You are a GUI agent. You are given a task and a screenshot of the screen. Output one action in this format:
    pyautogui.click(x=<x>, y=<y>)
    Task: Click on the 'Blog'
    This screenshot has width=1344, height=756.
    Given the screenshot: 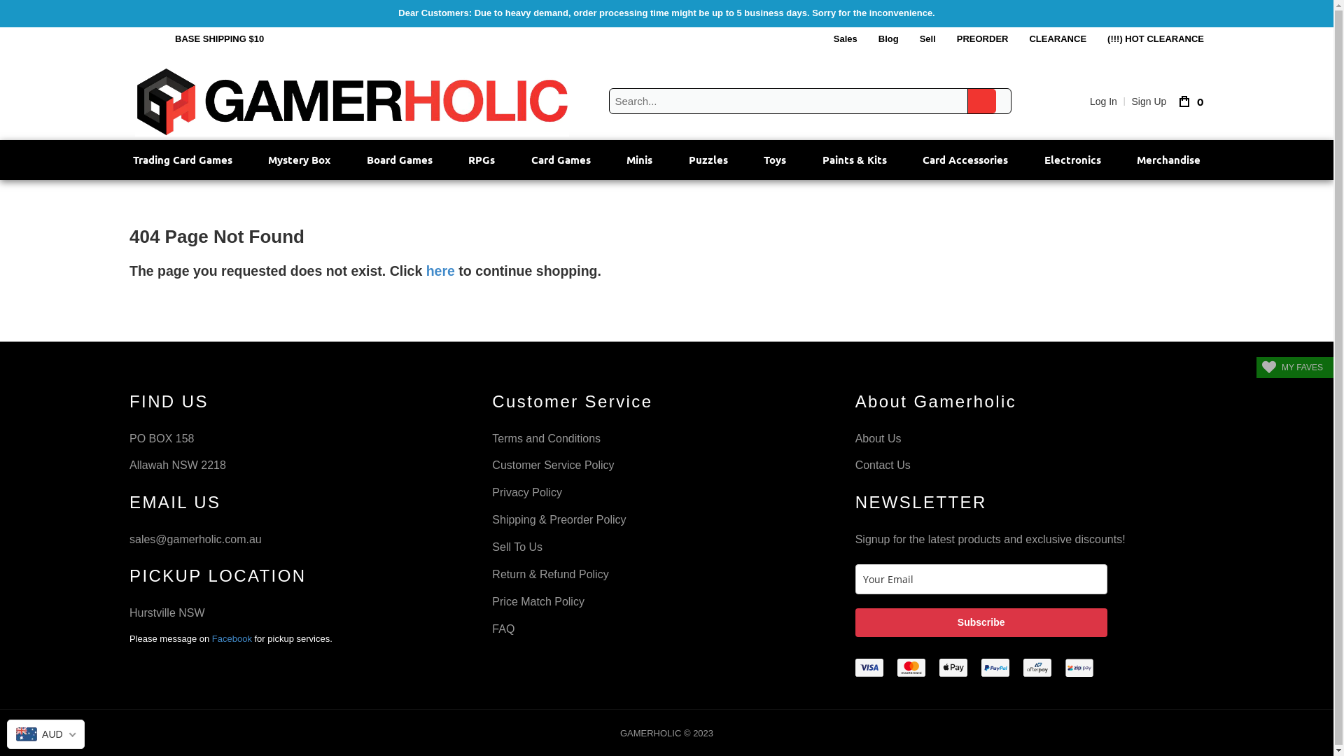 What is the action you would take?
    pyautogui.click(x=888, y=39)
    